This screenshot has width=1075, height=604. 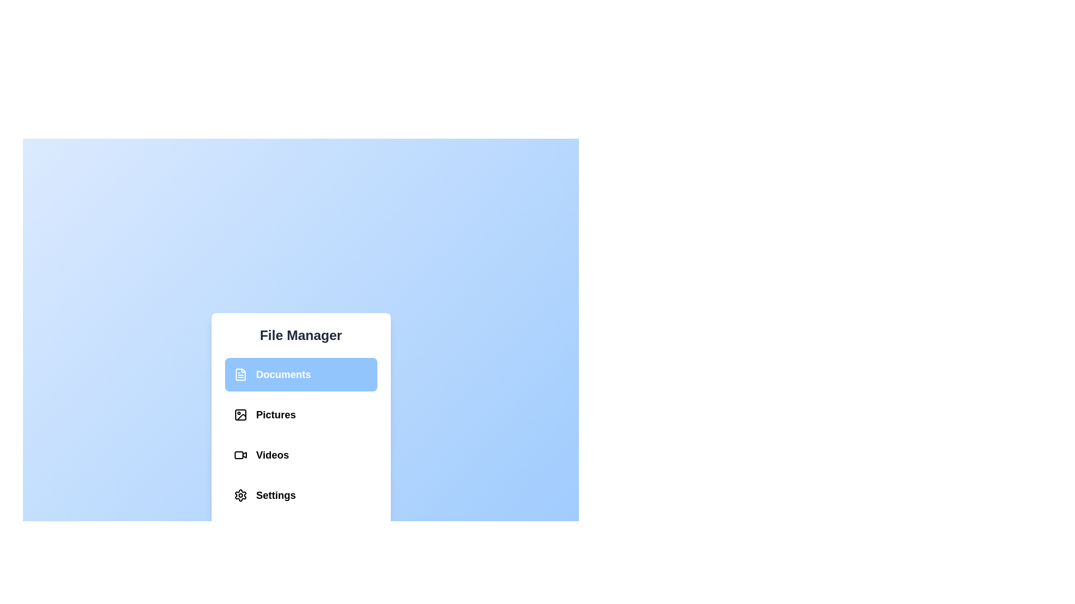 I want to click on the Settings section in the File Management Menu, so click(x=240, y=495).